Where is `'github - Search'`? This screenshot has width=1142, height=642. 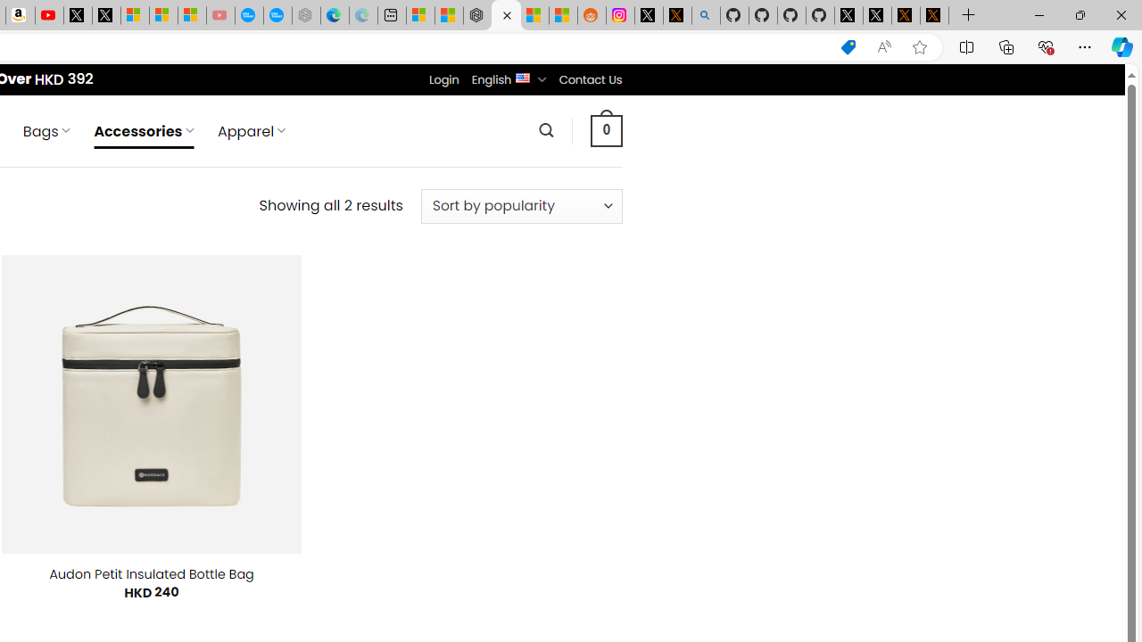
'github - Search' is located at coordinates (705, 15).